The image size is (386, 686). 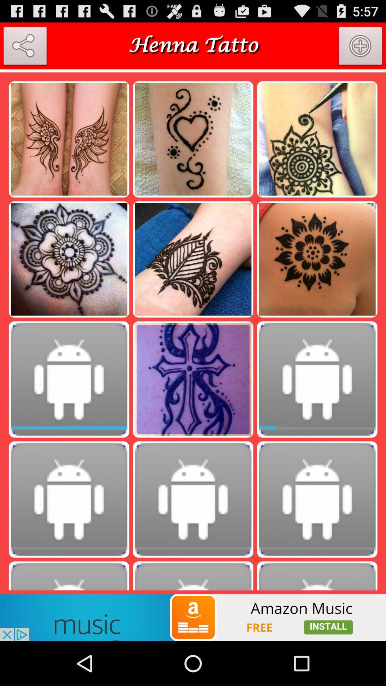 I want to click on another design, so click(x=361, y=47).